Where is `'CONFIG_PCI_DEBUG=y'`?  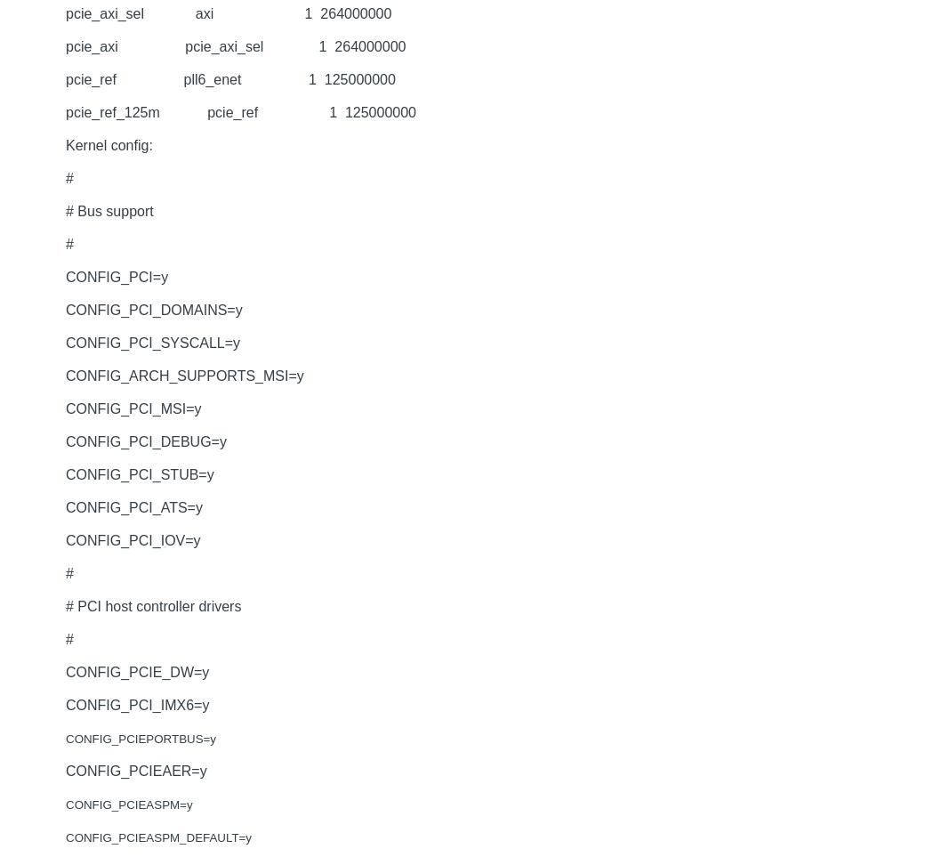
'CONFIG_PCI_DEBUG=y' is located at coordinates (146, 441).